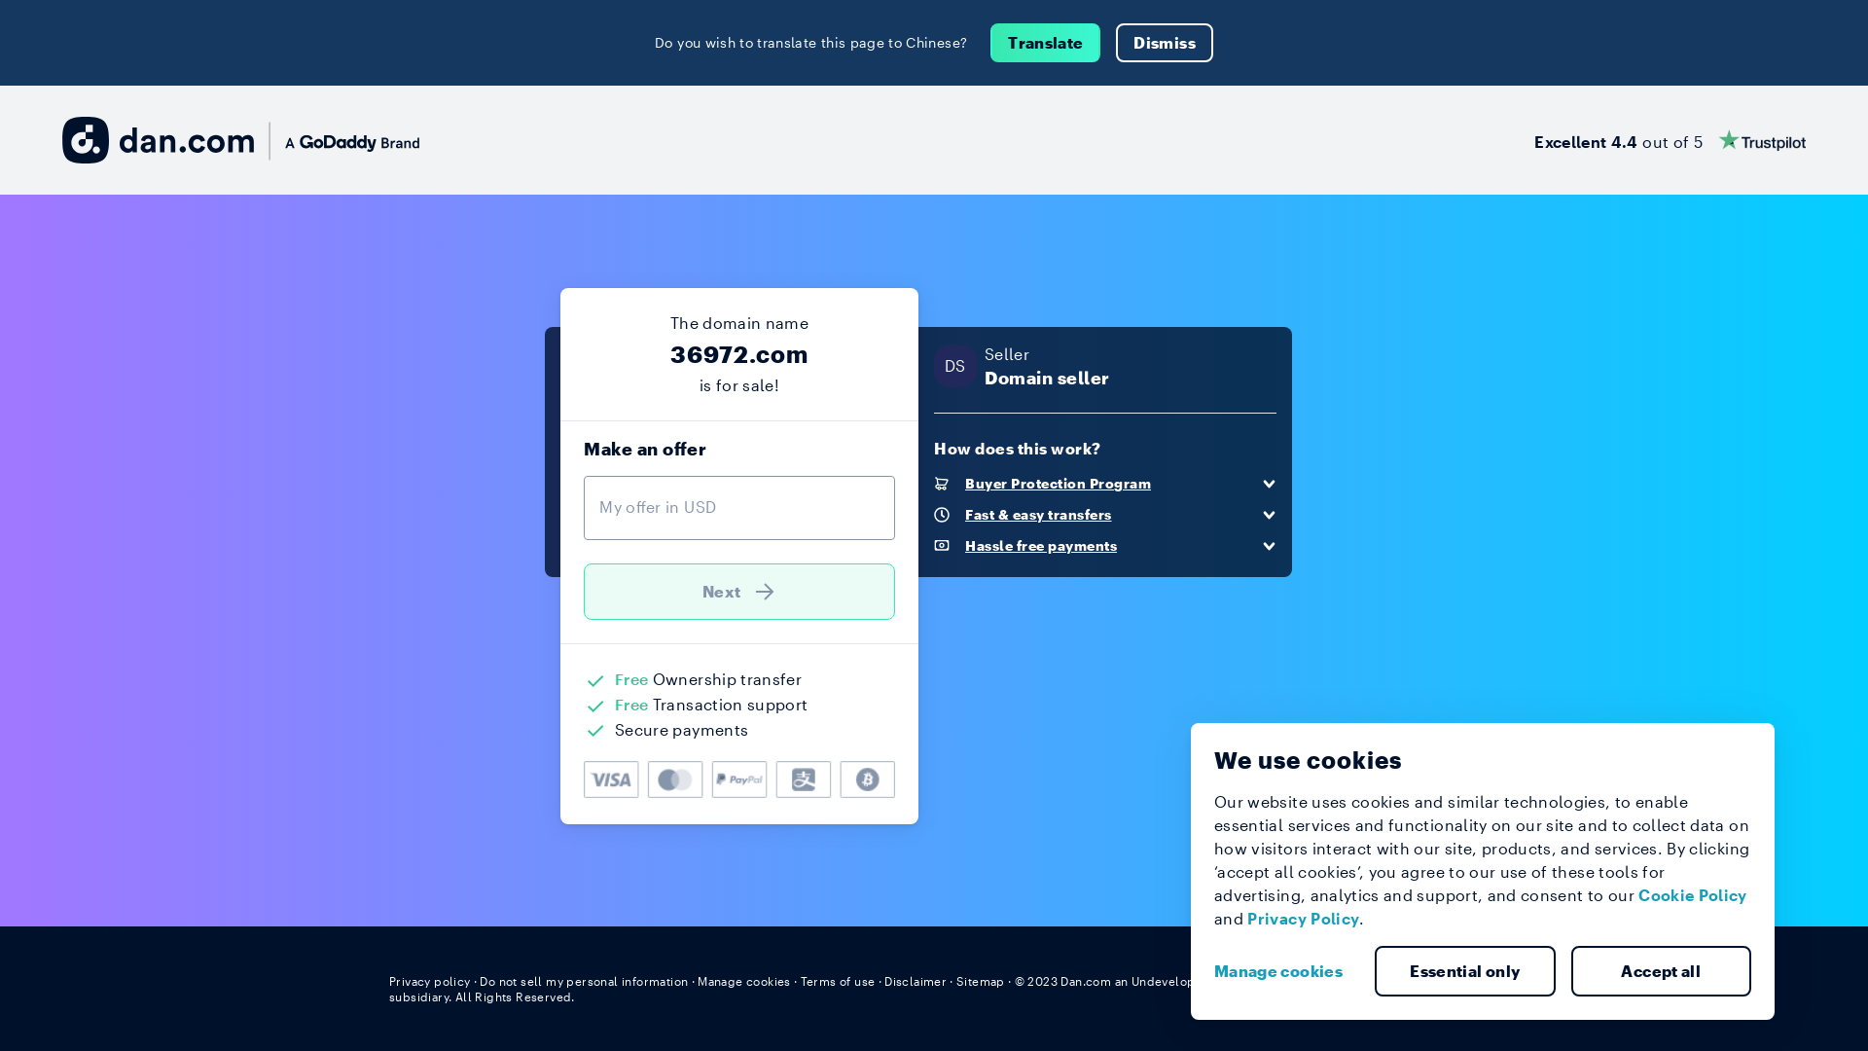 The height and width of the screenshot is (1051, 1868). I want to click on 'Sitemap', so click(981, 980).